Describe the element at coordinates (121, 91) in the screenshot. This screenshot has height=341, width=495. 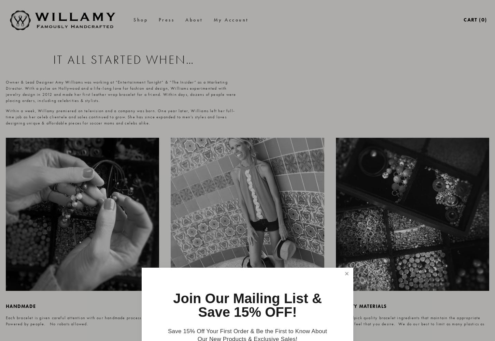
I see `'Owner & Lead Designer Amy Williams was working at “Entertainment Tonight” & “The Insider” as a Marketing Director. With a pulse on Hollywood and a life-long love for fashion and design, Williams experimented with jewelry design in 2012 and made her first leather wrap bracelet for a friend. Within days, dozens of people were placing orders, including celebrities & stylists.'` at that location.